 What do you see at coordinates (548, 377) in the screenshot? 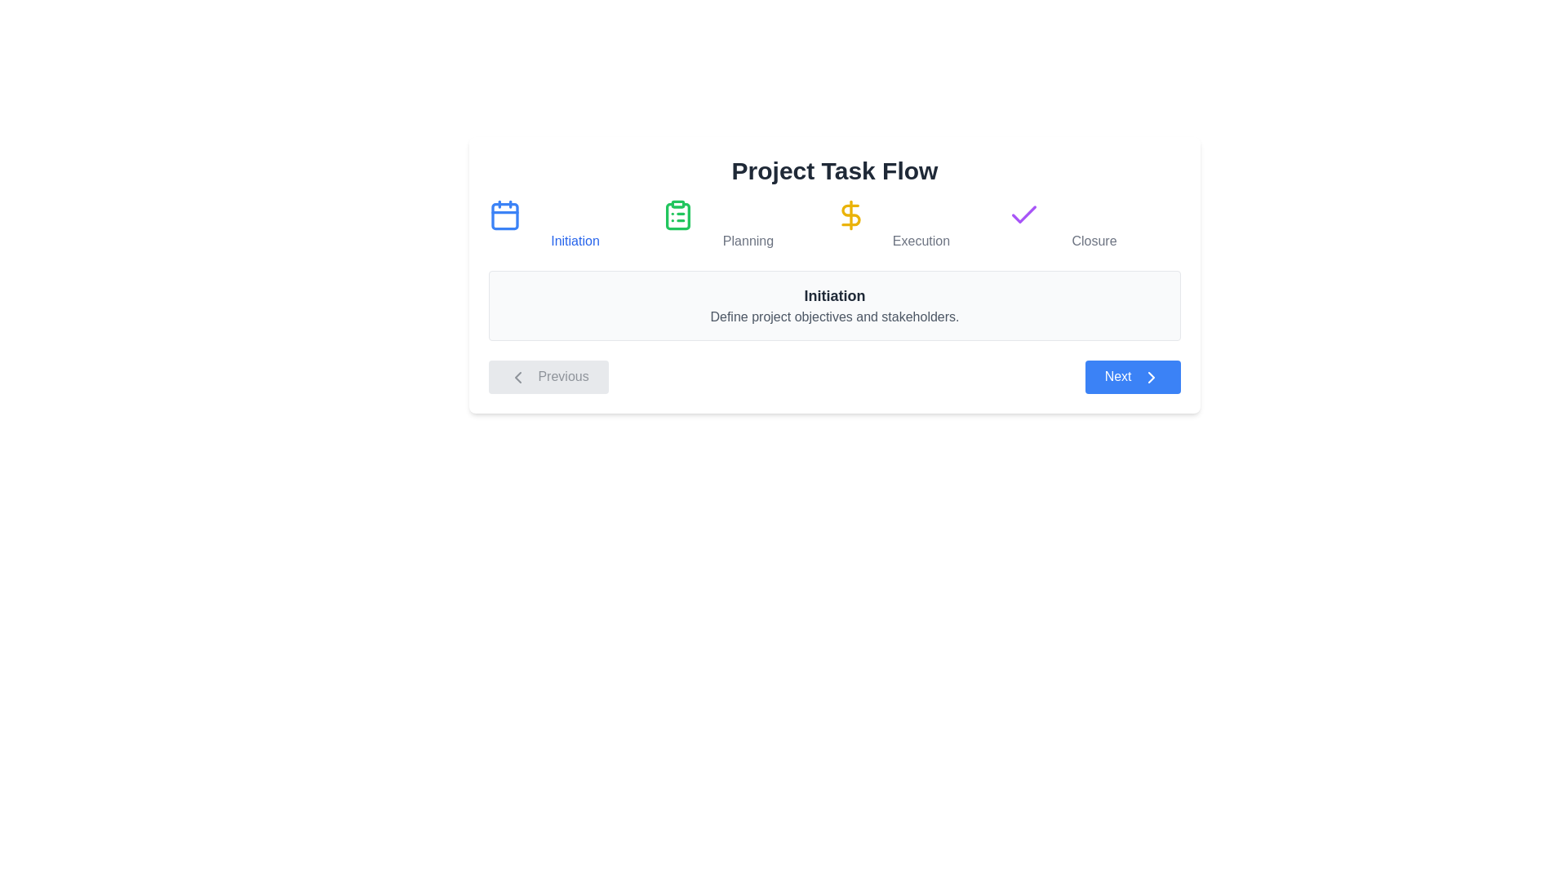
I see `the 'Previous' button, which is located at the bottom-left corner of the navigation bar and features a leftward arrow icon and gray background` at bounding box center [548, 377].